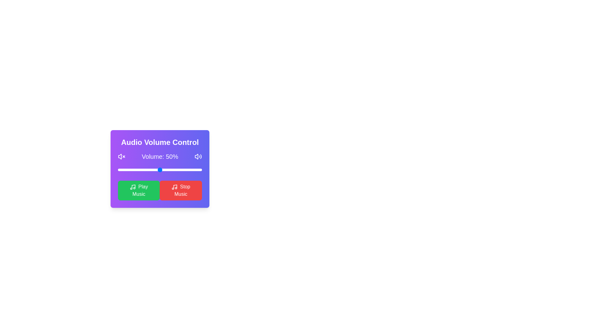  I want to click on the green button labeled 'Play Music' with a music note icon to play music, so click(138, 190).